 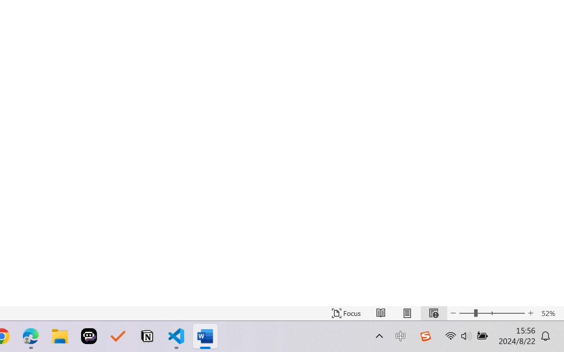 What do you see at coordinates (381, 313) in the screenshot?
I see `'Read Mode'` at bounding box center [381, 313].